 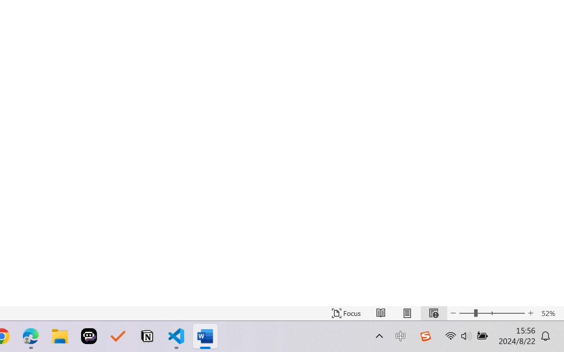 What do you see at coordinates (381, 313) in the screenshot?
I see `'Read Mode'` at bounding box center [381, 313].